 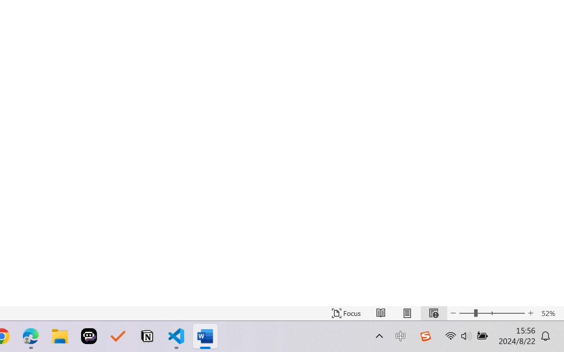 What do you see at coordinates (381, 313) in the screenshot?
I see `'Read Mode'` at bounding box center [381, 313].